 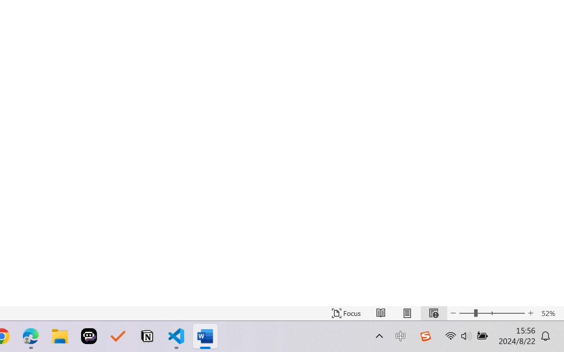 What do you see at coordinates (381, 313) in the screenshot?
I see `'Read Mode'` at bounding box center [381, 313].